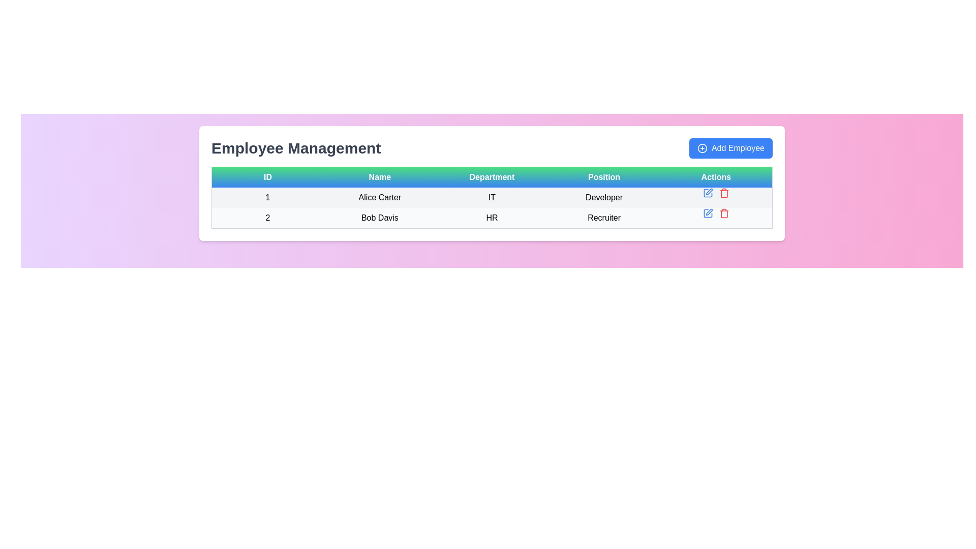 The image size is (976, 549). I want to click on text content of the Table Header Row, which features a gradient background and contains the column headers 'ID', 'Name', 'Department', 'Position', and 'Actions', so click(492, 176).